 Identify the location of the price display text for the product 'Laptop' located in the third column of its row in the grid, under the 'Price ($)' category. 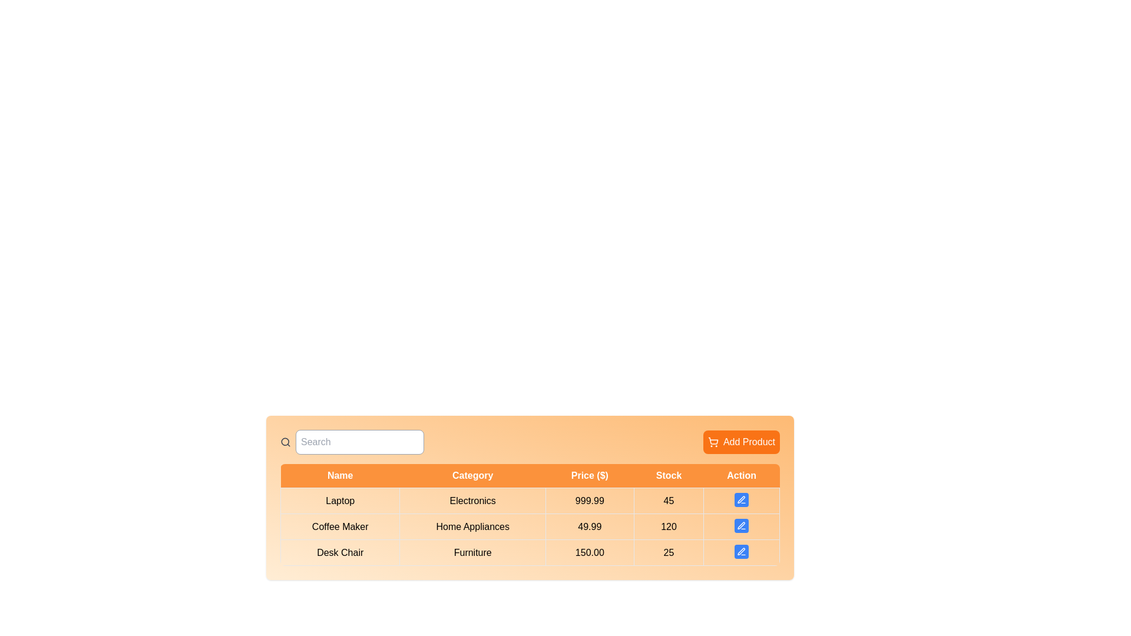
(590, 501).